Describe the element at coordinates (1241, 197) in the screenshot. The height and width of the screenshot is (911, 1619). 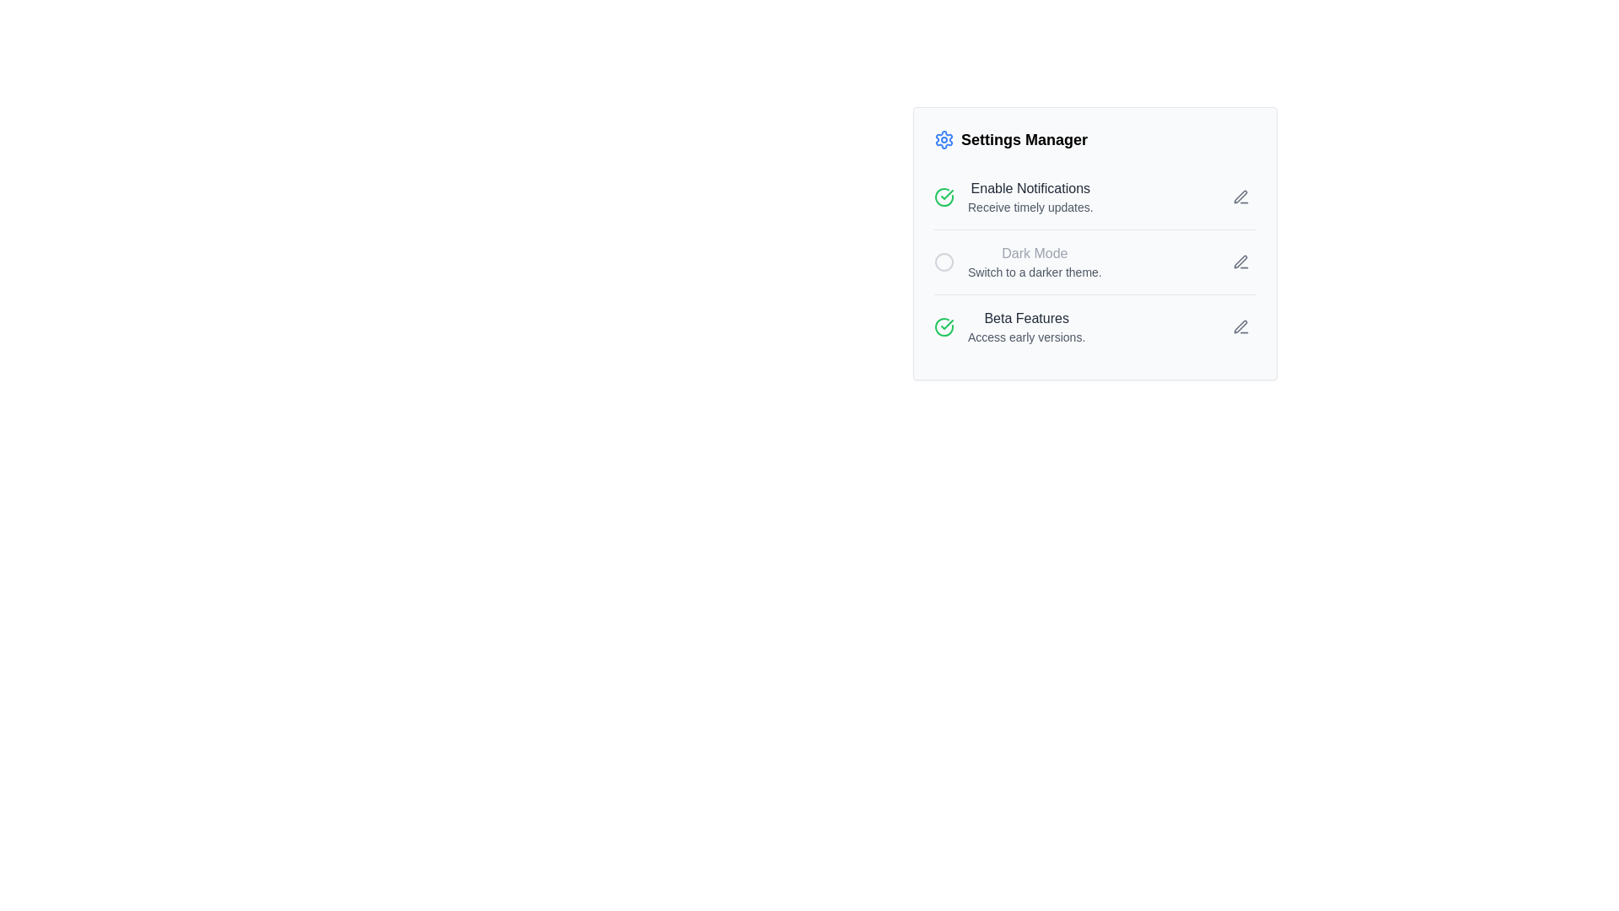
I see `the editing button for the 'Enable Notifications' option located at the far right side of the 'Settings Manager' interface` at that location.